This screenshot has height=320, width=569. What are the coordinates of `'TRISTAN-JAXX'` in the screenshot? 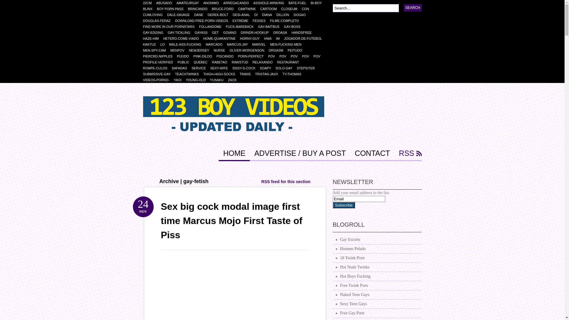 It's located at (268, 74).